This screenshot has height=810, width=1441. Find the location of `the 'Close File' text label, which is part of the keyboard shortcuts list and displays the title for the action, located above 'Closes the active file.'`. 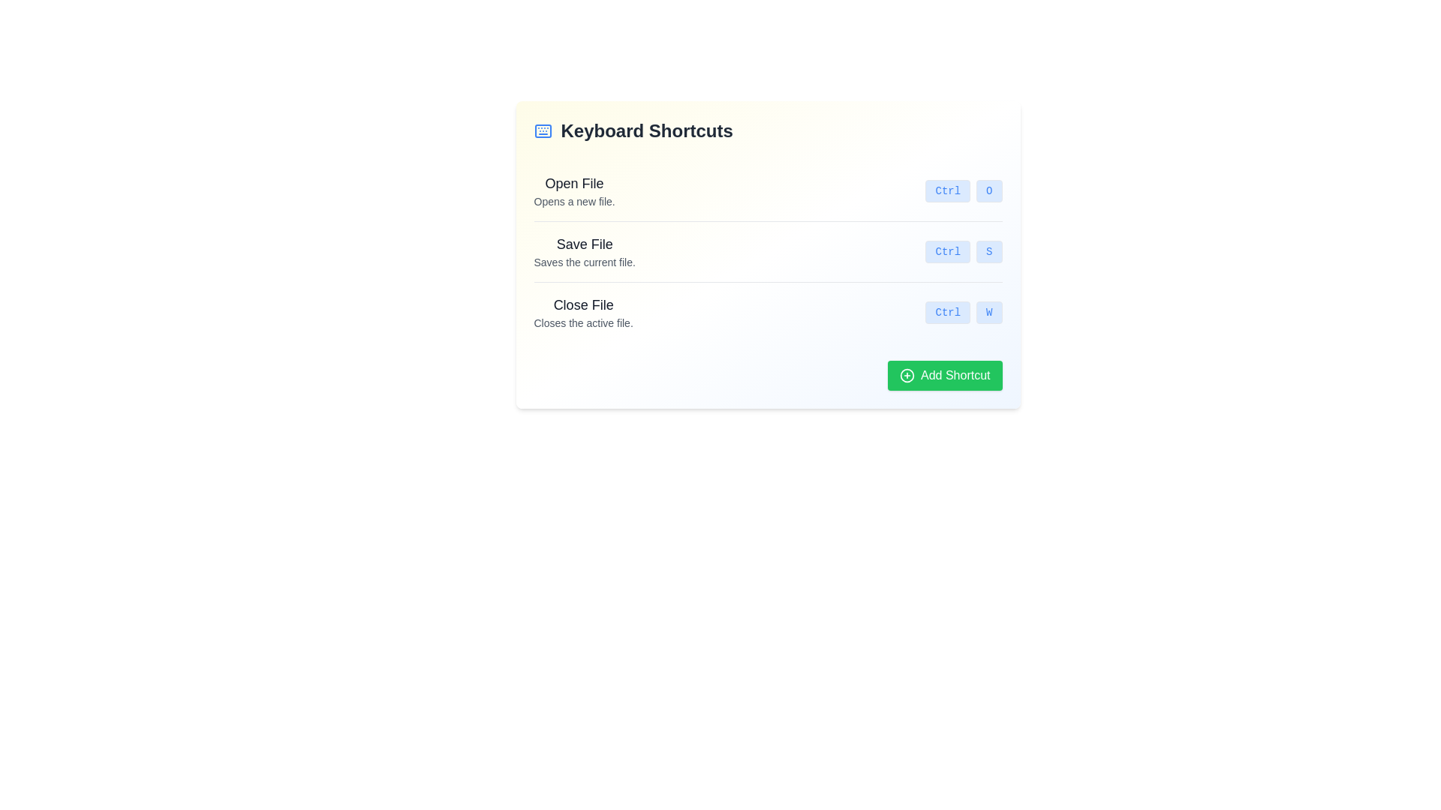

the 'Close File' text label, which is part of the keyboard shortcuts list and displays the title for the action, located above 'Closes the active file.' is located at coordinates (582, 304).